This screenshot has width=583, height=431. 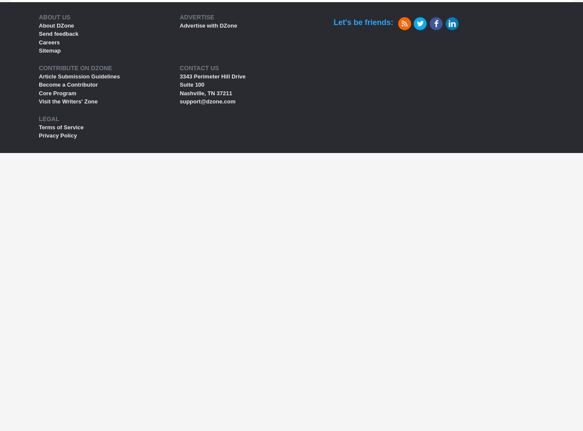 I want to click on 'Terms of Service', so click(x=61, y=127).